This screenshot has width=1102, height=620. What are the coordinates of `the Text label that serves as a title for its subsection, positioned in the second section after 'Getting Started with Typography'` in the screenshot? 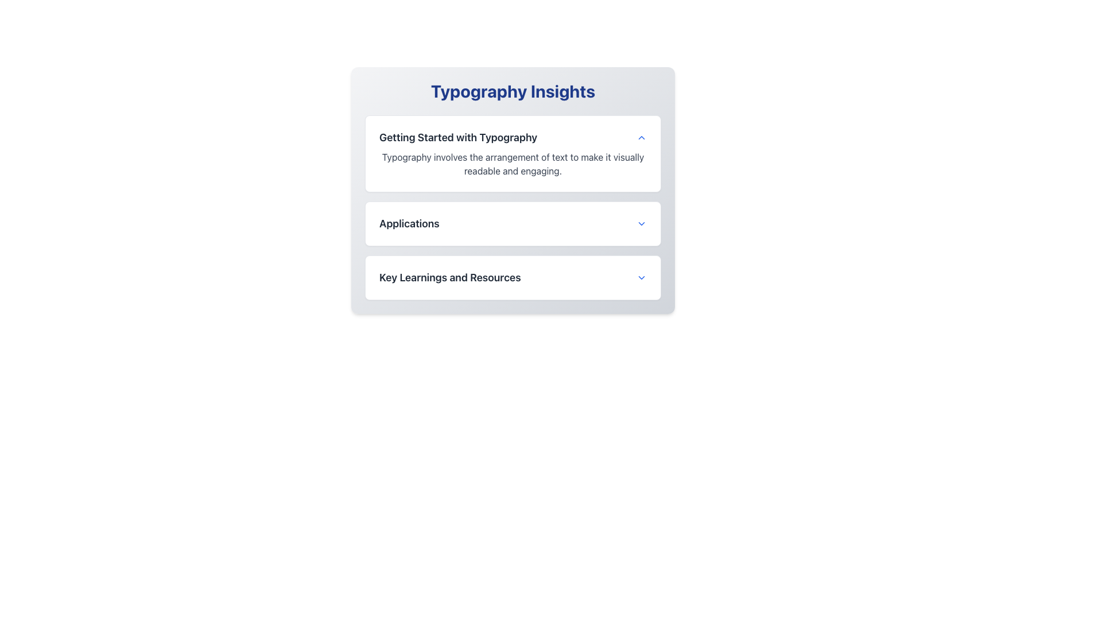 It's located at (409, 223).